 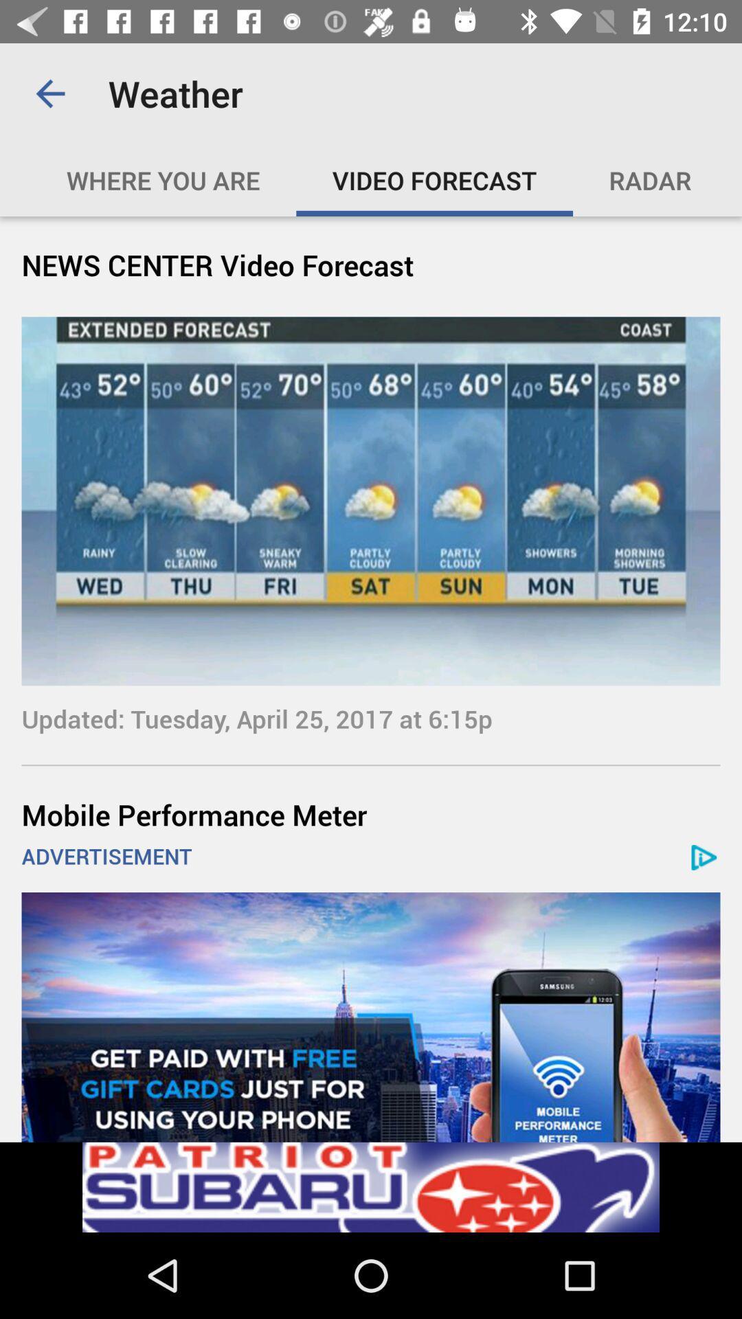 I want to click on the, so click(x=386, y=179).